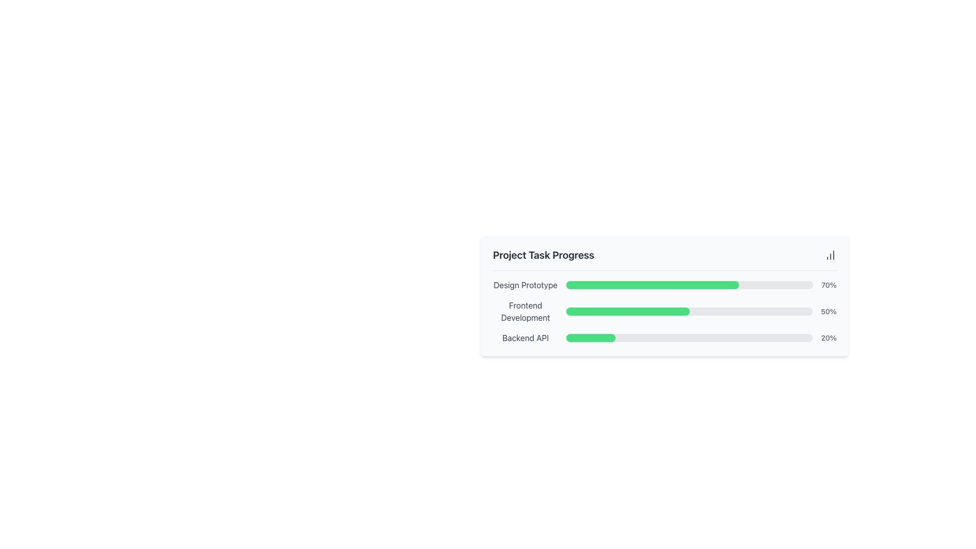 The width and height of the screenshot is (976, 549). I want to click on the completion progress visualized by the green progress bar segment that fills 70% of the containing bar, positioned in the first row of the task layout, so click(653, 285).